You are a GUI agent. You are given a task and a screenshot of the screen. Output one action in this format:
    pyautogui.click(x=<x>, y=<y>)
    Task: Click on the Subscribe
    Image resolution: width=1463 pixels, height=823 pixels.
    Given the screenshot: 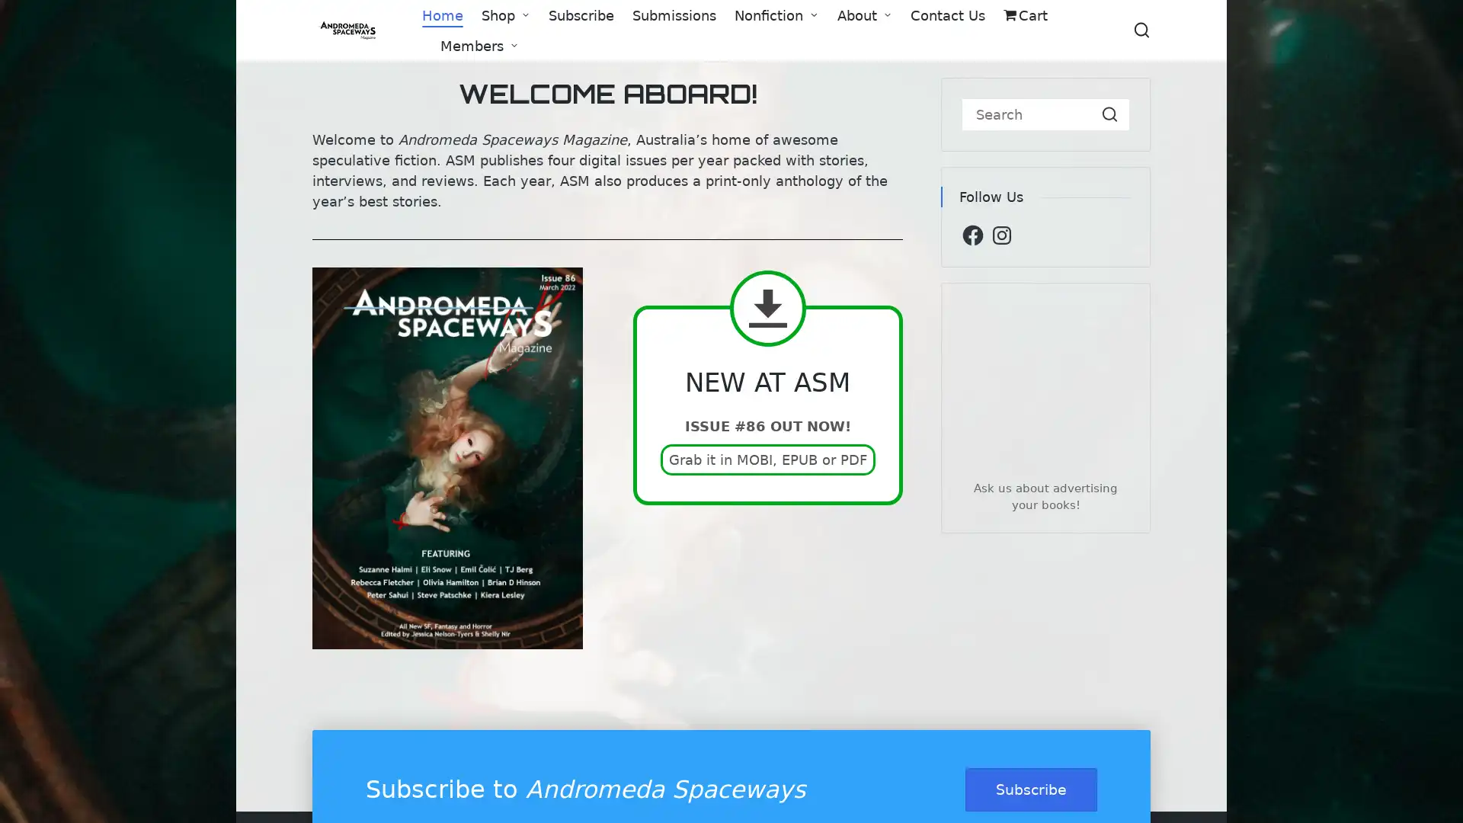 What is the action you would take?
    pyautogui.click(x=1031, y=789)
    